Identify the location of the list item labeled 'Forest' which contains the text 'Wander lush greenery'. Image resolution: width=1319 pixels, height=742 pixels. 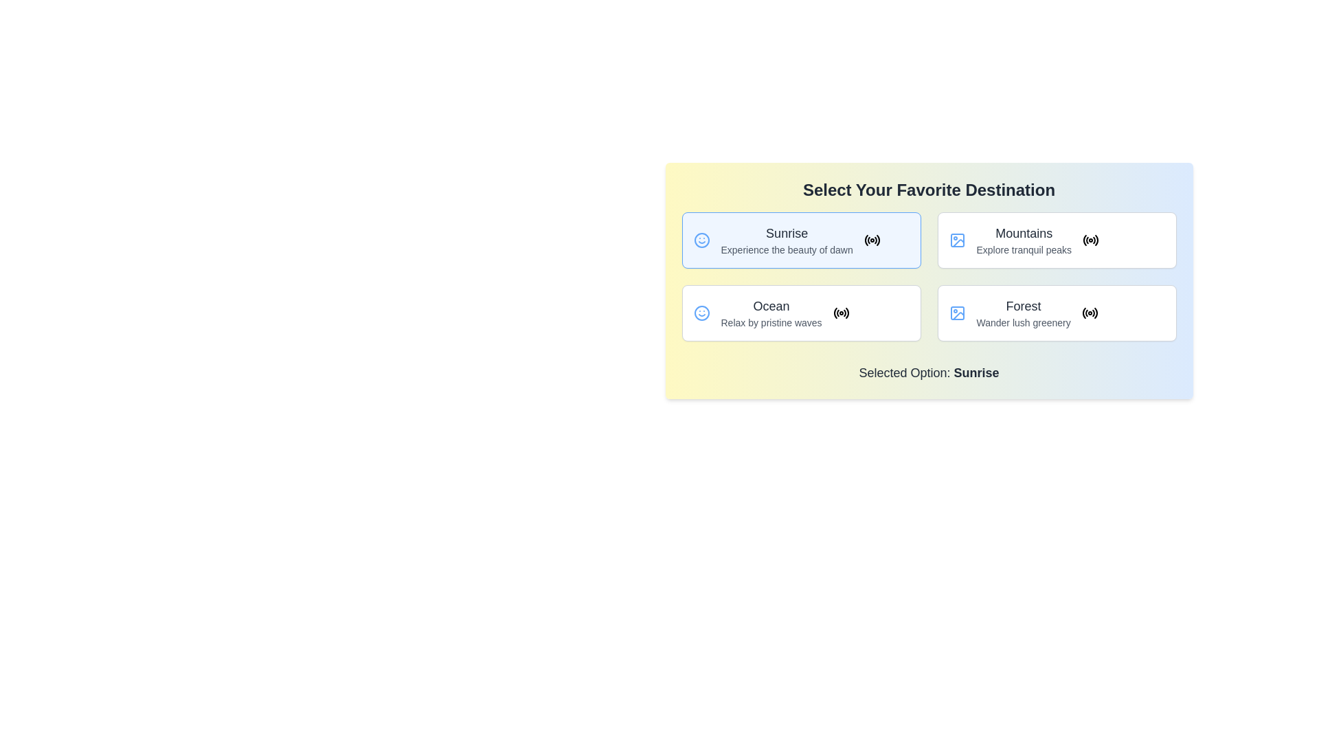
(1024, 313).